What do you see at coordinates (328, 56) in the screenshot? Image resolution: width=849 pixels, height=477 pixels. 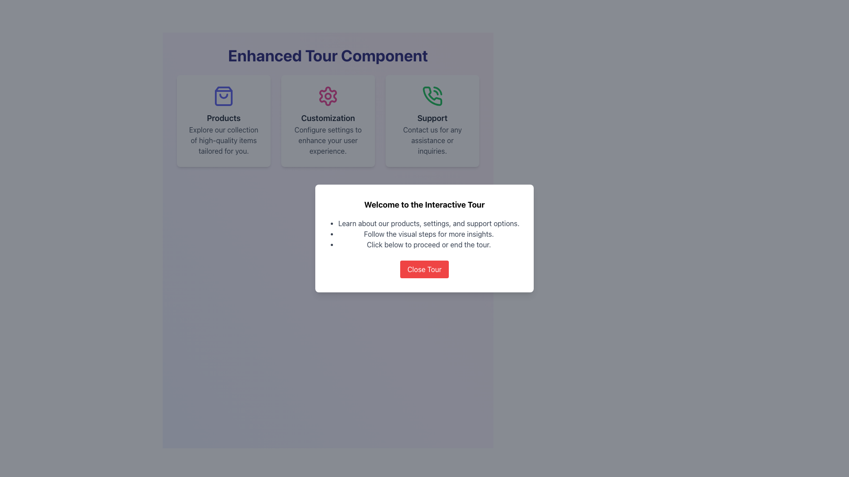 I see `text element that displays 'Enhanced Tour Component', which is a bold, large, deep blue centered text located at the top of a section above three cards labeled 'Products,' 'Customization,' and 'Support'` at bounding box center [328, 56].